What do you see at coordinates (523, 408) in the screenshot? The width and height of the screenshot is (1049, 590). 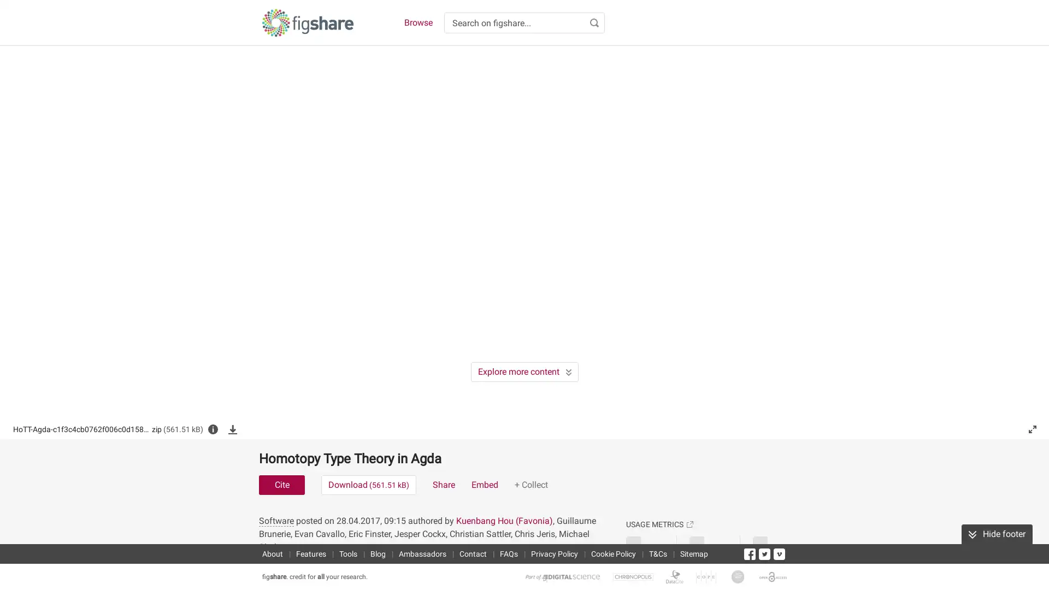 I see `Explore more content` at bounding box center [523, 408].